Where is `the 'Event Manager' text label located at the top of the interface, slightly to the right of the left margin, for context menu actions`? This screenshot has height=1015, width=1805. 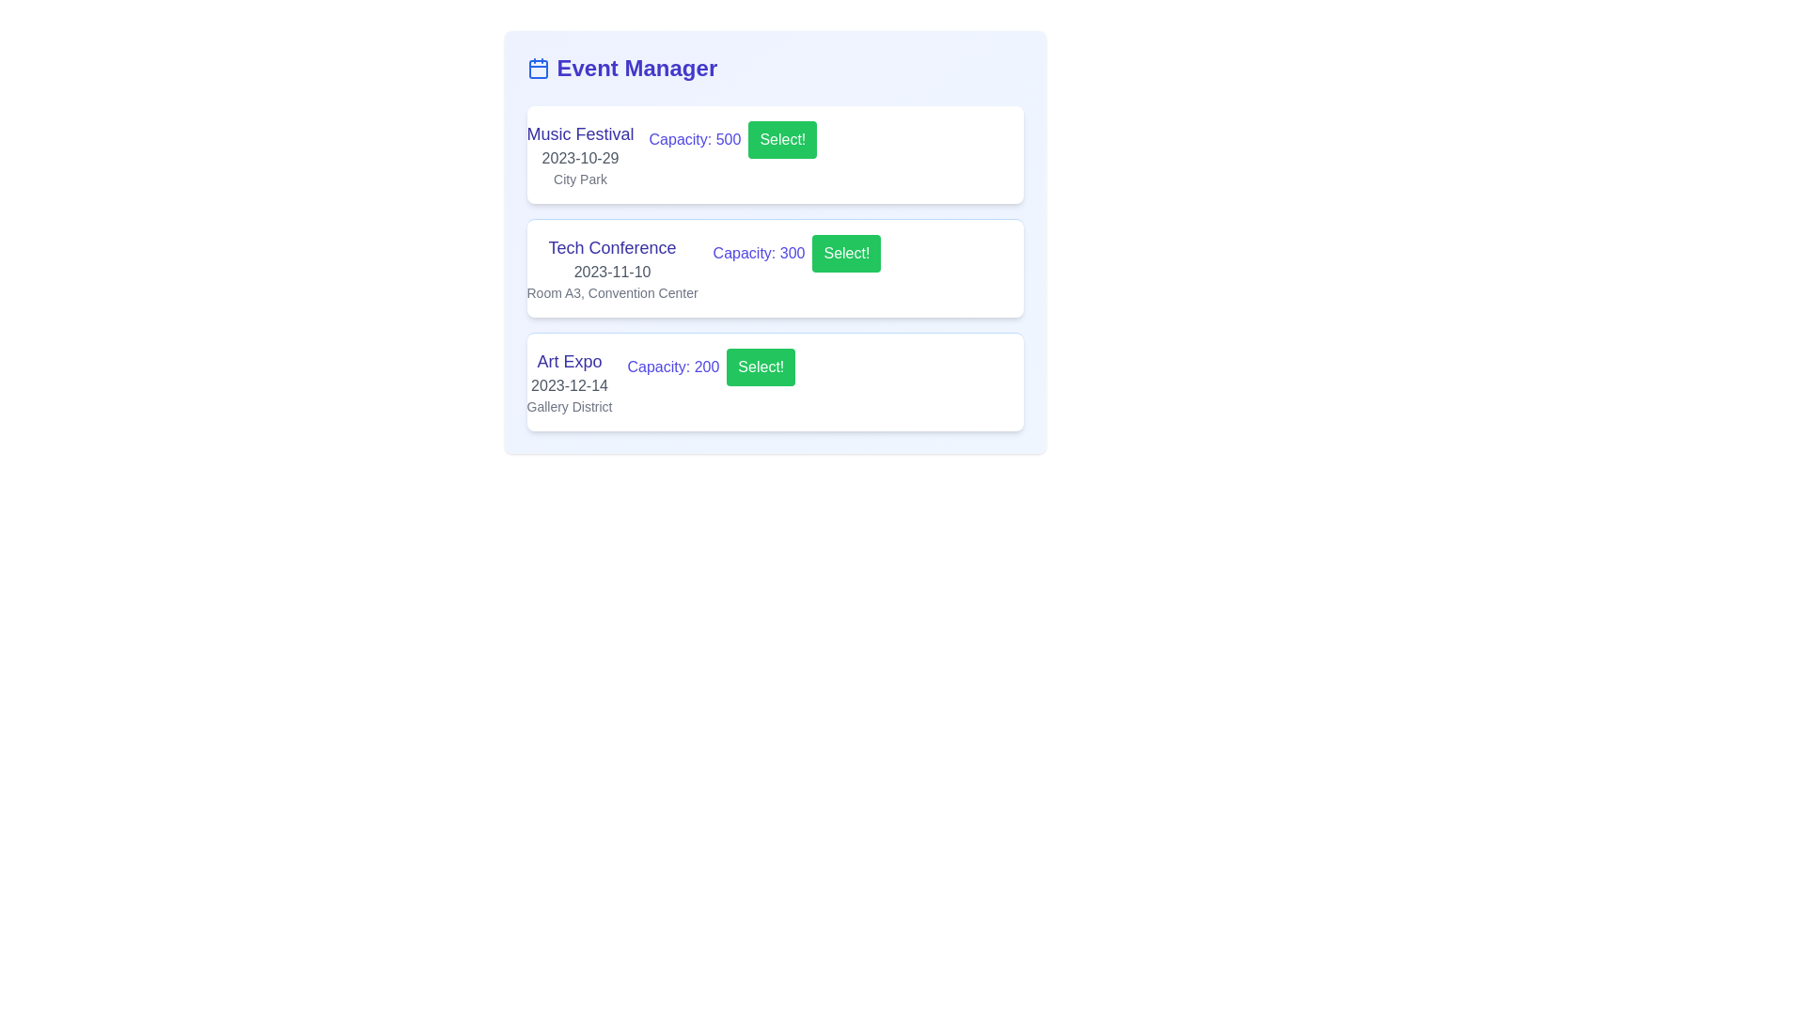
the 'Event Manager' text label located at the top of the interface, slightly to the right of the left margin, for context menu actions is located at coordinates (636, 68).